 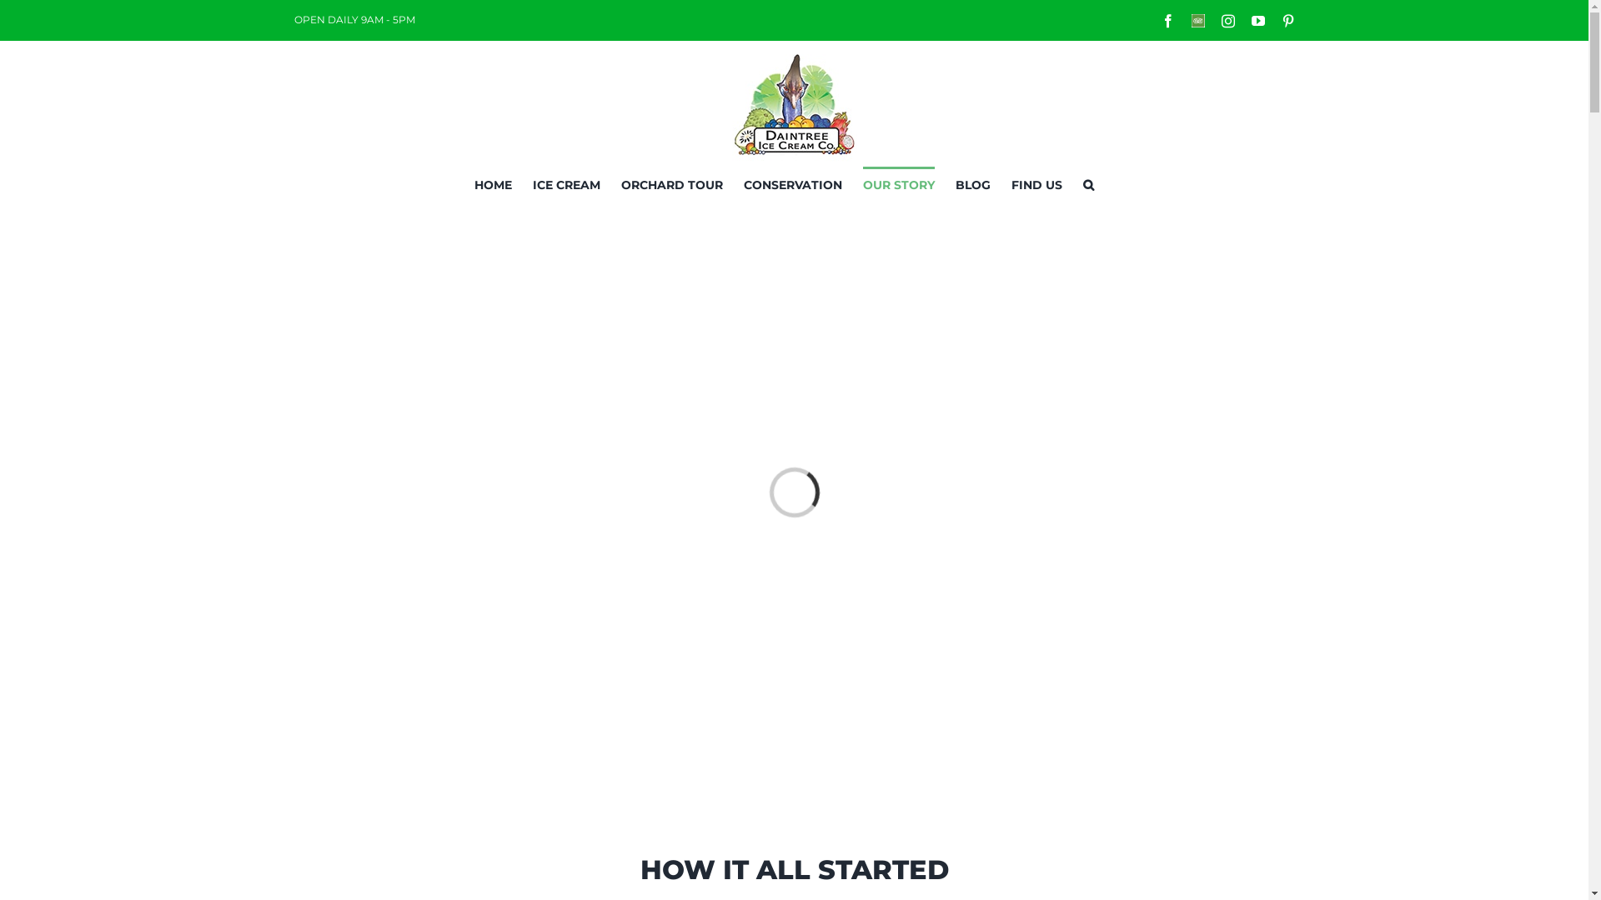 What do you see at coordinates (1035, 182) in the screenshot?
I see `'FIND US'` at bounding box center [1035, 182].